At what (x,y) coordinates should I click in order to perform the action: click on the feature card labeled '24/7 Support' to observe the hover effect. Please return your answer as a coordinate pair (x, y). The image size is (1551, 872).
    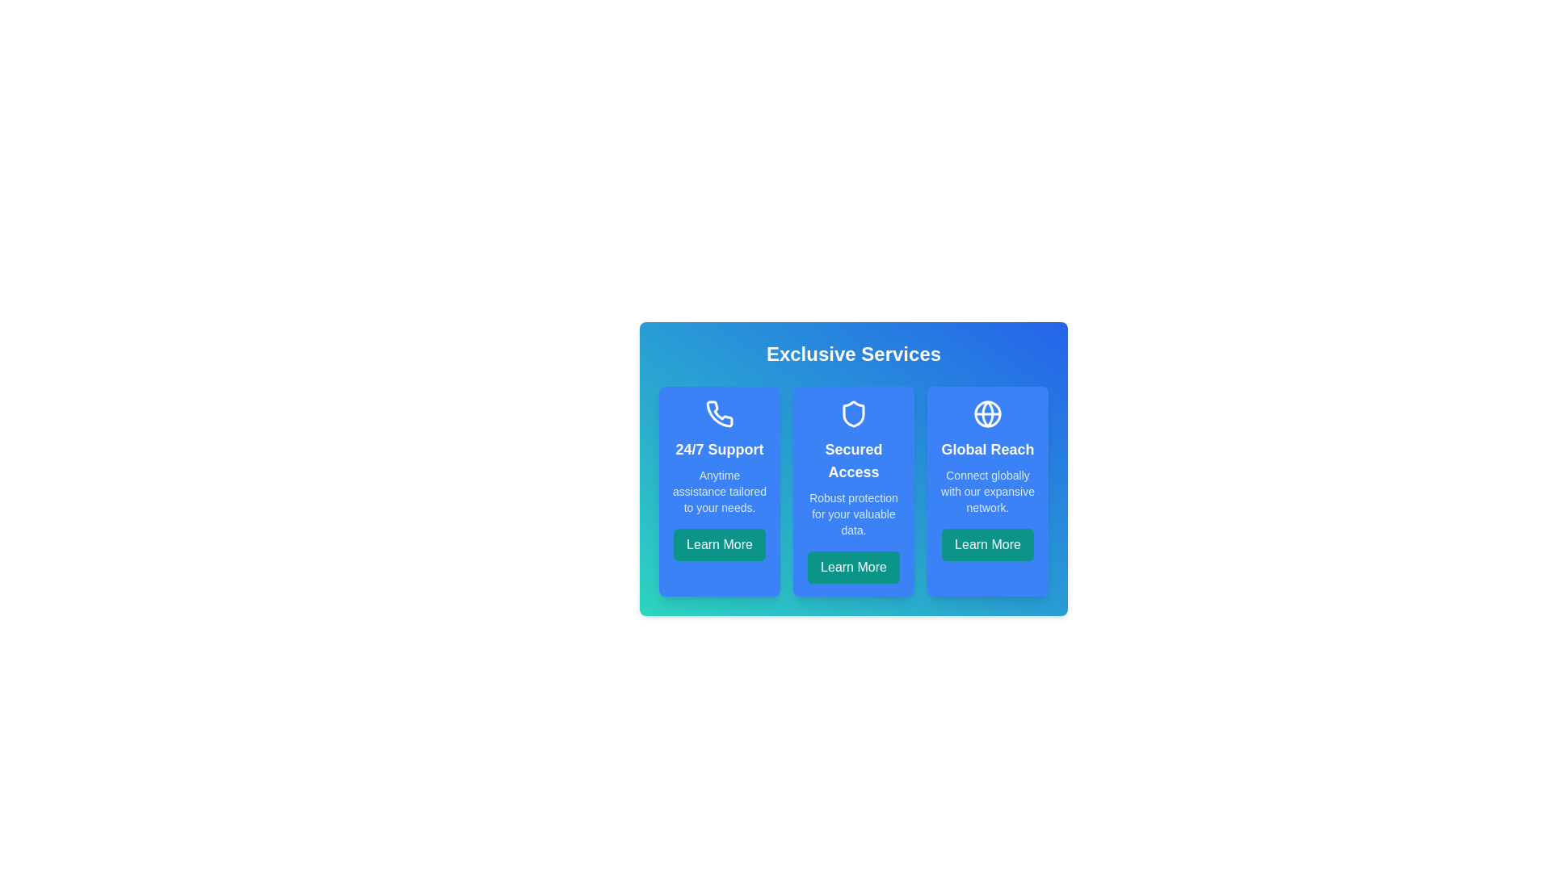
    Looking at the image, I should click on (719, 491).